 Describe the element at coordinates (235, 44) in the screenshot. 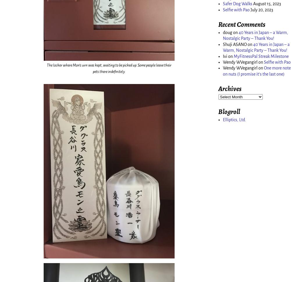

I see `'Shuji ASANO'` at that location.